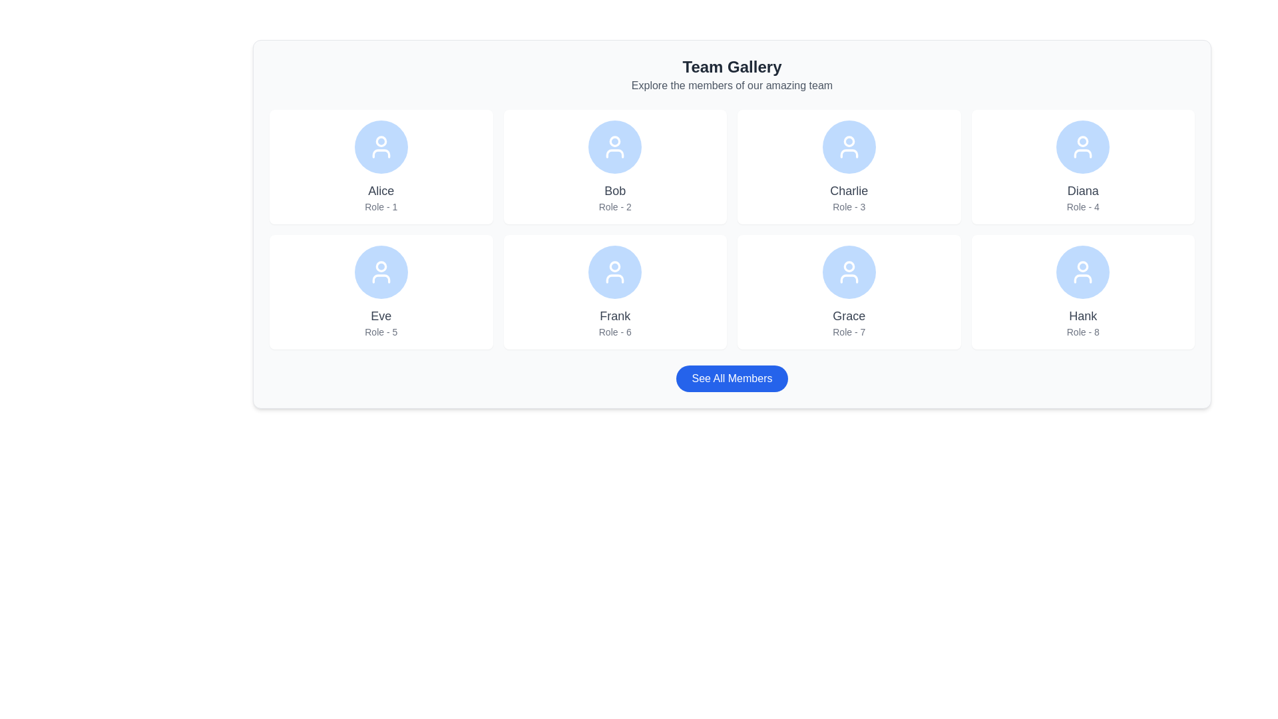 The height and width of the screenshot is (719, 1278). I want to click on the user profile icon for 'Bob', so click(614, 146).